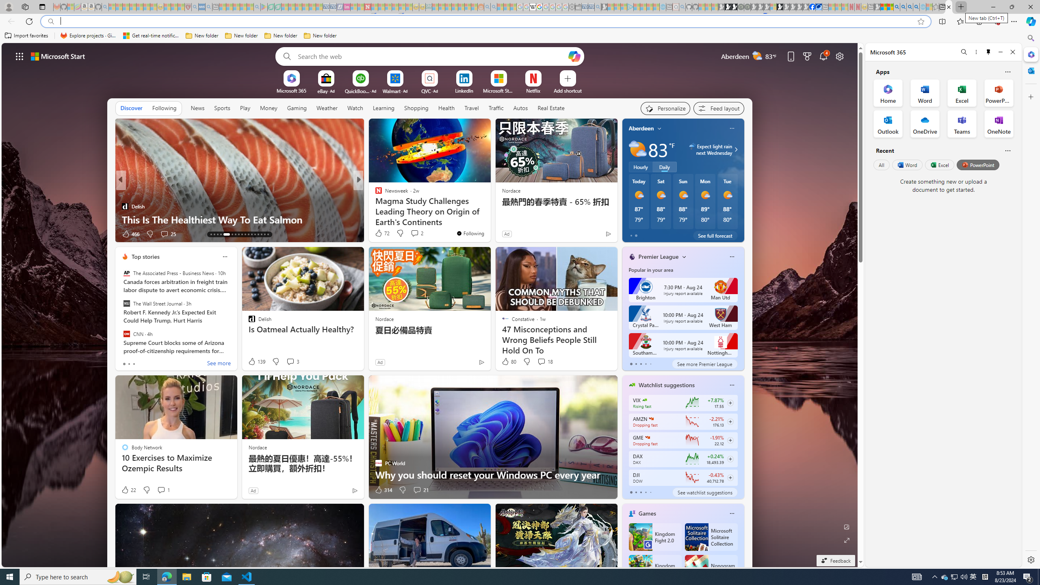  Describe the element at coordinates (51, 22) in the screenshot. I see `'Search icon'` at that location.